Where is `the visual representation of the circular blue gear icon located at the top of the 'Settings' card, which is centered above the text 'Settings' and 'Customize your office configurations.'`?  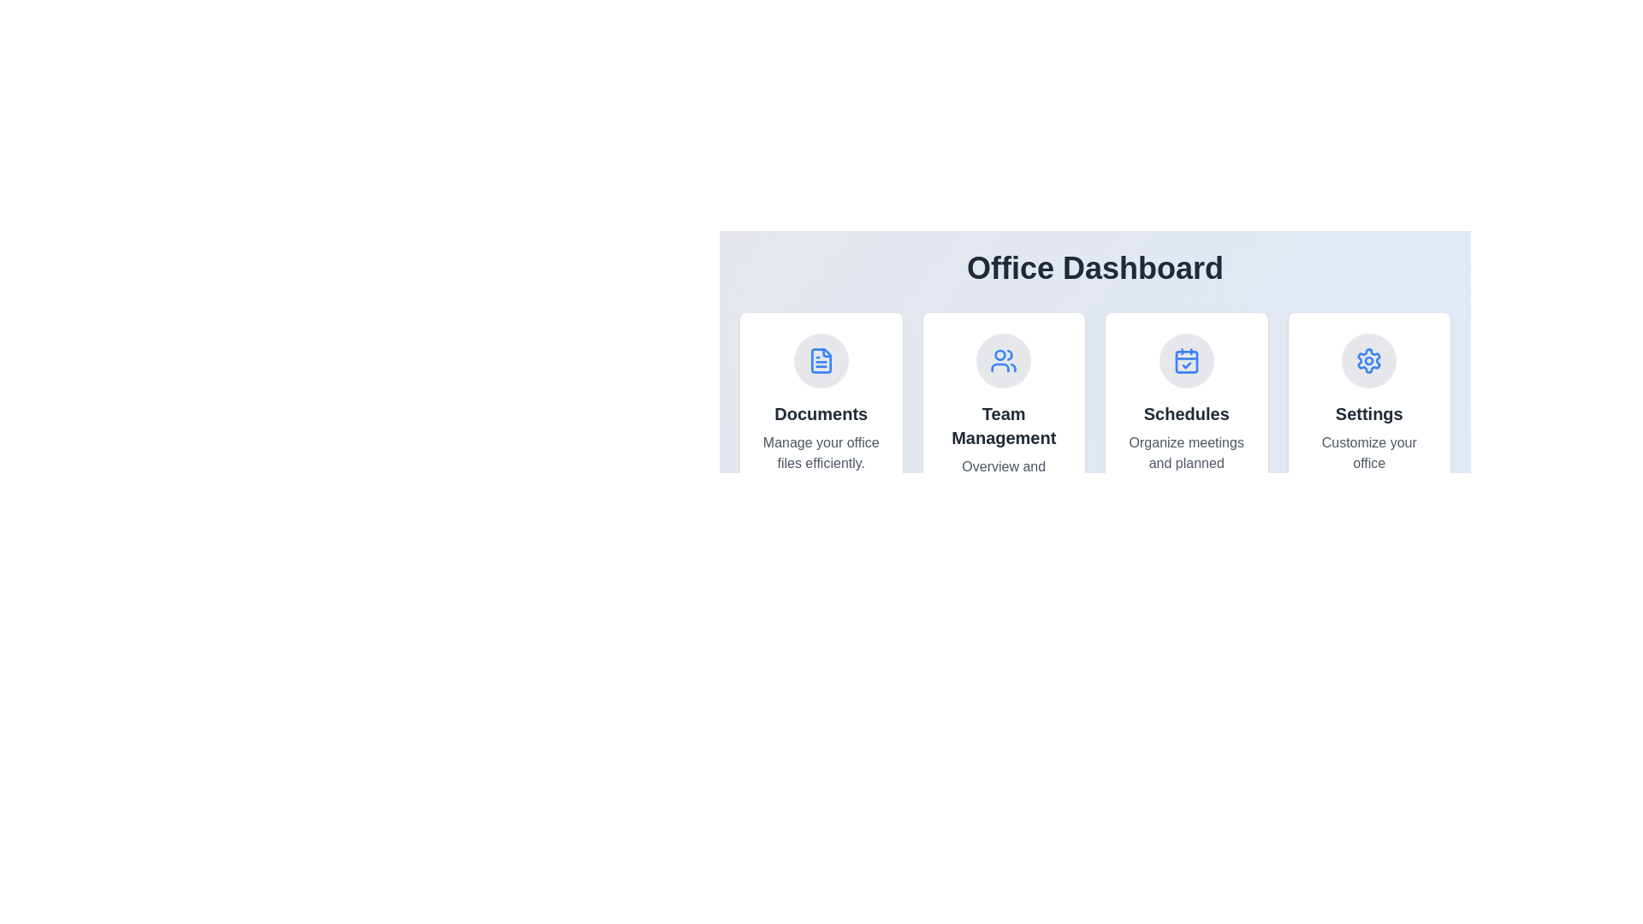
the visual representation of the circular blue gear icon located at the top of the 'Settings' card, which is centered above the text 'Settings' and 'Customize your office configurations.' is located at coordinates (1369, 359).